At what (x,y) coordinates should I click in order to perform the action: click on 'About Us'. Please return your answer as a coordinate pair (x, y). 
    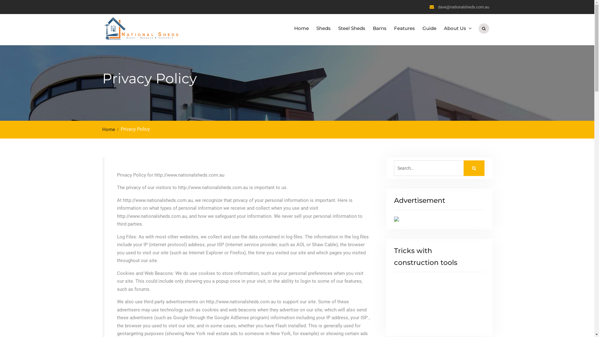
    Looking at the image, I should click on (457, 28).